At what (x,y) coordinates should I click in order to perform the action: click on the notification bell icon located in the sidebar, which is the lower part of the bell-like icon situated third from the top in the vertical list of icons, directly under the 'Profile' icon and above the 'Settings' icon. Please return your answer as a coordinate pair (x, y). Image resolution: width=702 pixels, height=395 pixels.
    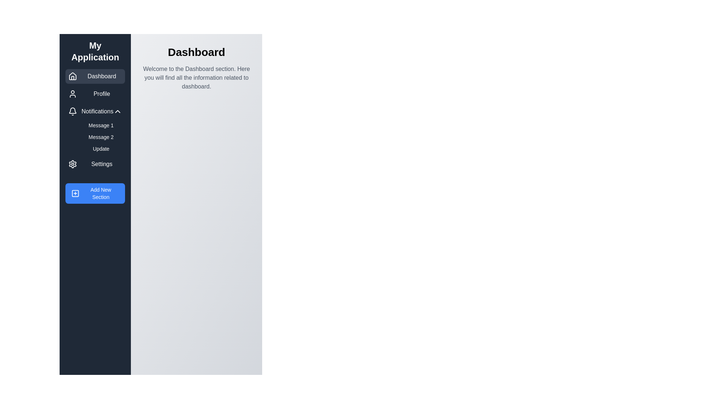
    Looking at the image, I should click on (72, 110).